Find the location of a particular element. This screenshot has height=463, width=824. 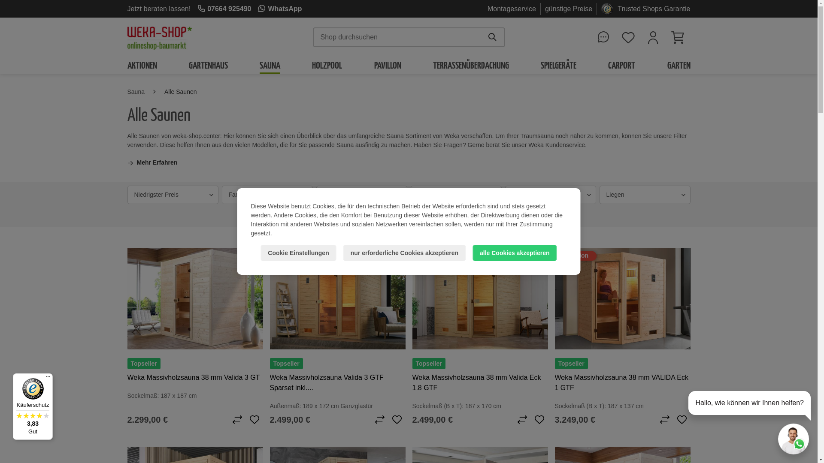

'alle Cookies akzeptieren' is located at coordinates (472, 253).